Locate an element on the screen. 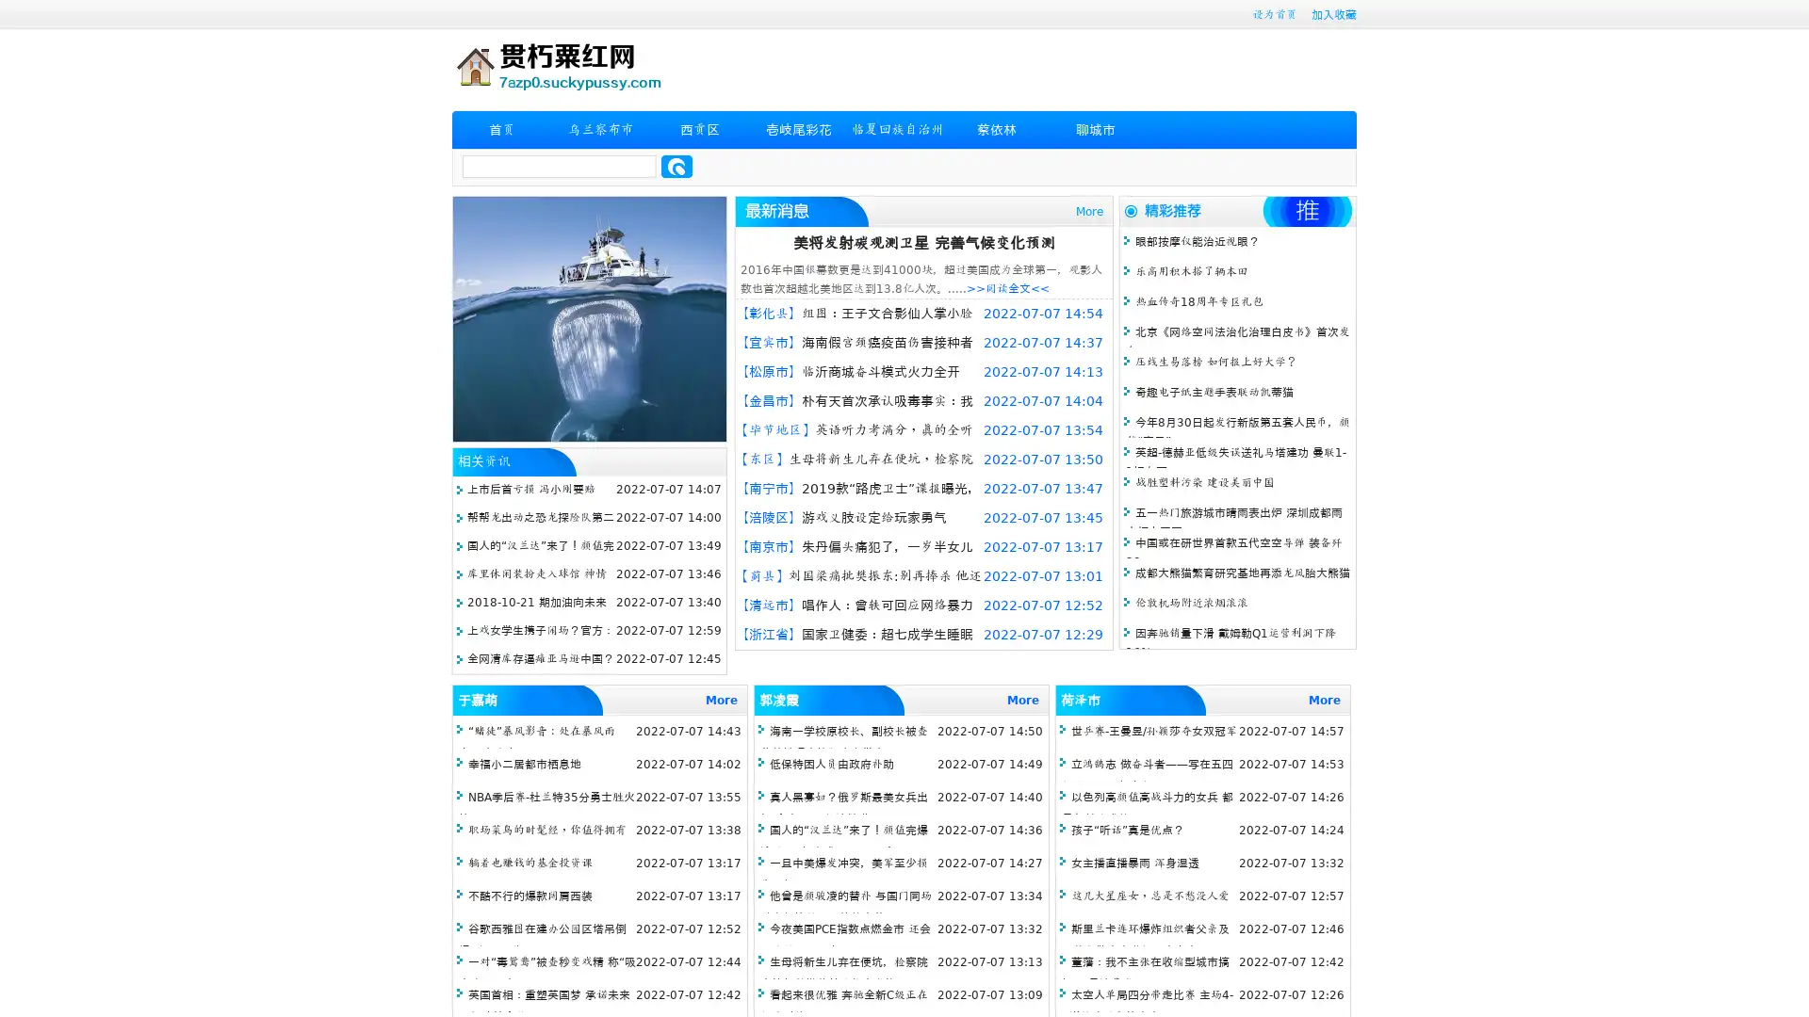  Search is located at coordinates (676, 166).